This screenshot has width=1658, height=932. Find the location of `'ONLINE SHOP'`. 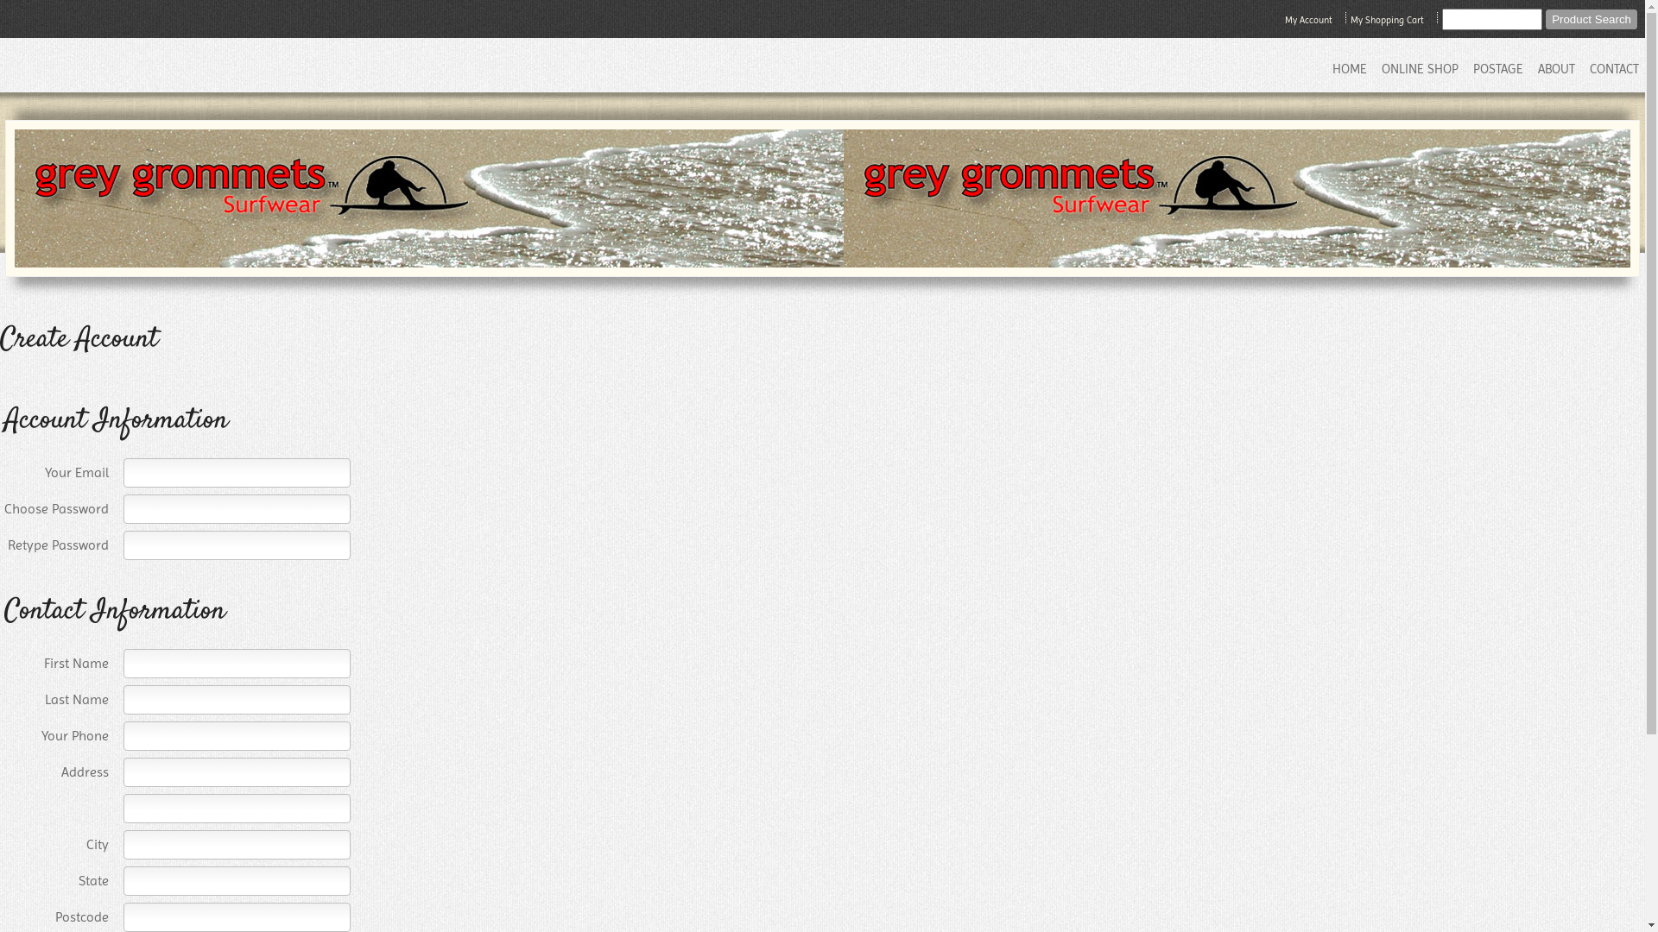

'ONLINE SHOP' is located at coordinates (1418, 68).